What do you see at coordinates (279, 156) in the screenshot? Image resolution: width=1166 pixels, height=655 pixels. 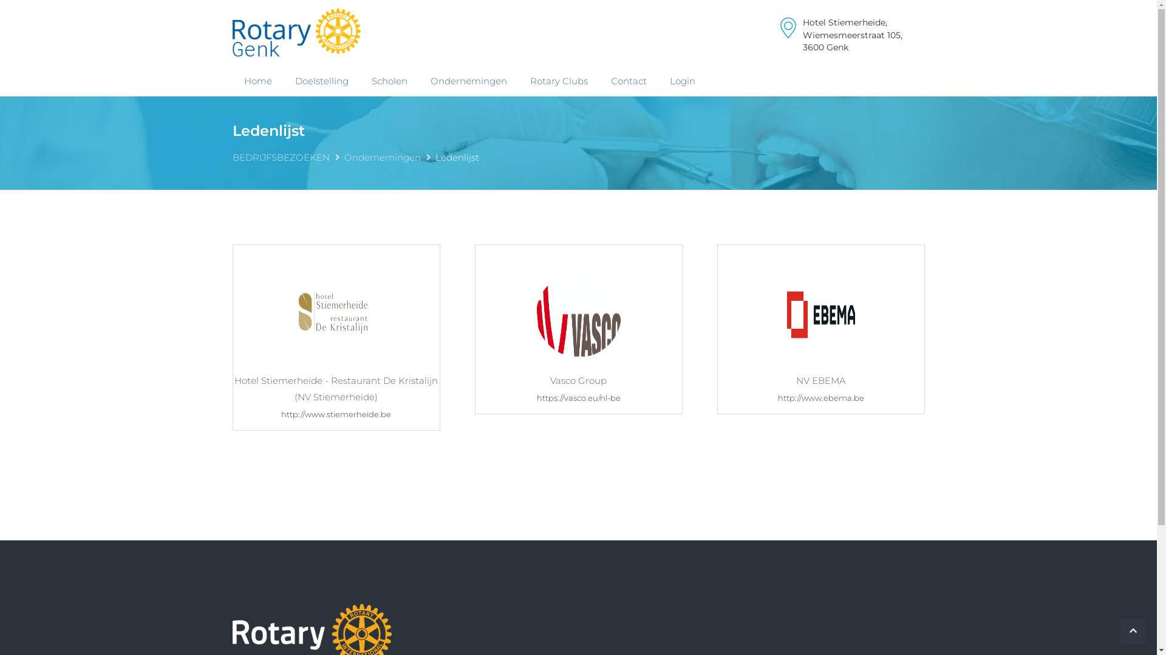 I see `'BEDRIJFSBEZOEKEN'` at bounding box center [279, 156].